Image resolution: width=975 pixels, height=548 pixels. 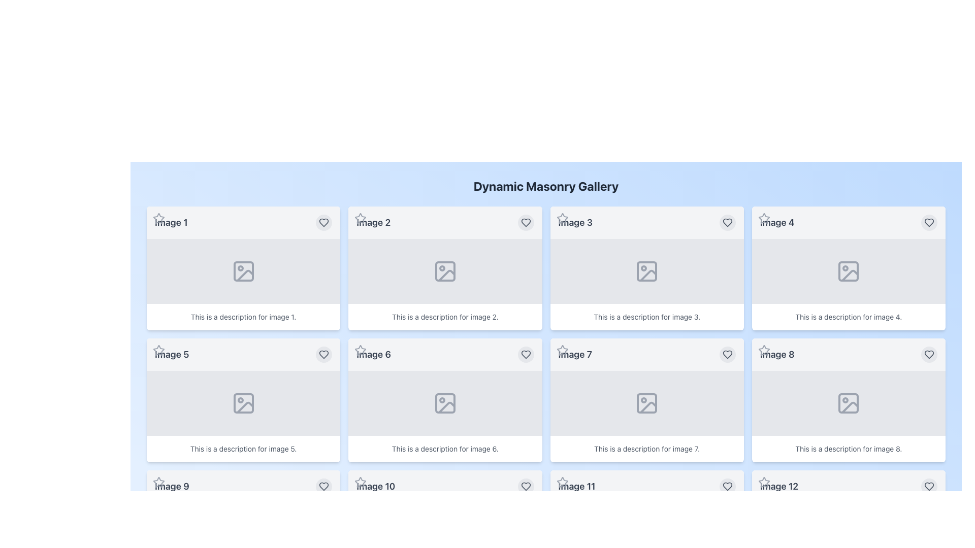 What do you see at coordinates (849, 271) in the screenshot?
I see `the image placeholder representing 'Image 4', located at the center of the fourth card in the top row of the dynamic masonry layout` at bounding box center [849, 271].